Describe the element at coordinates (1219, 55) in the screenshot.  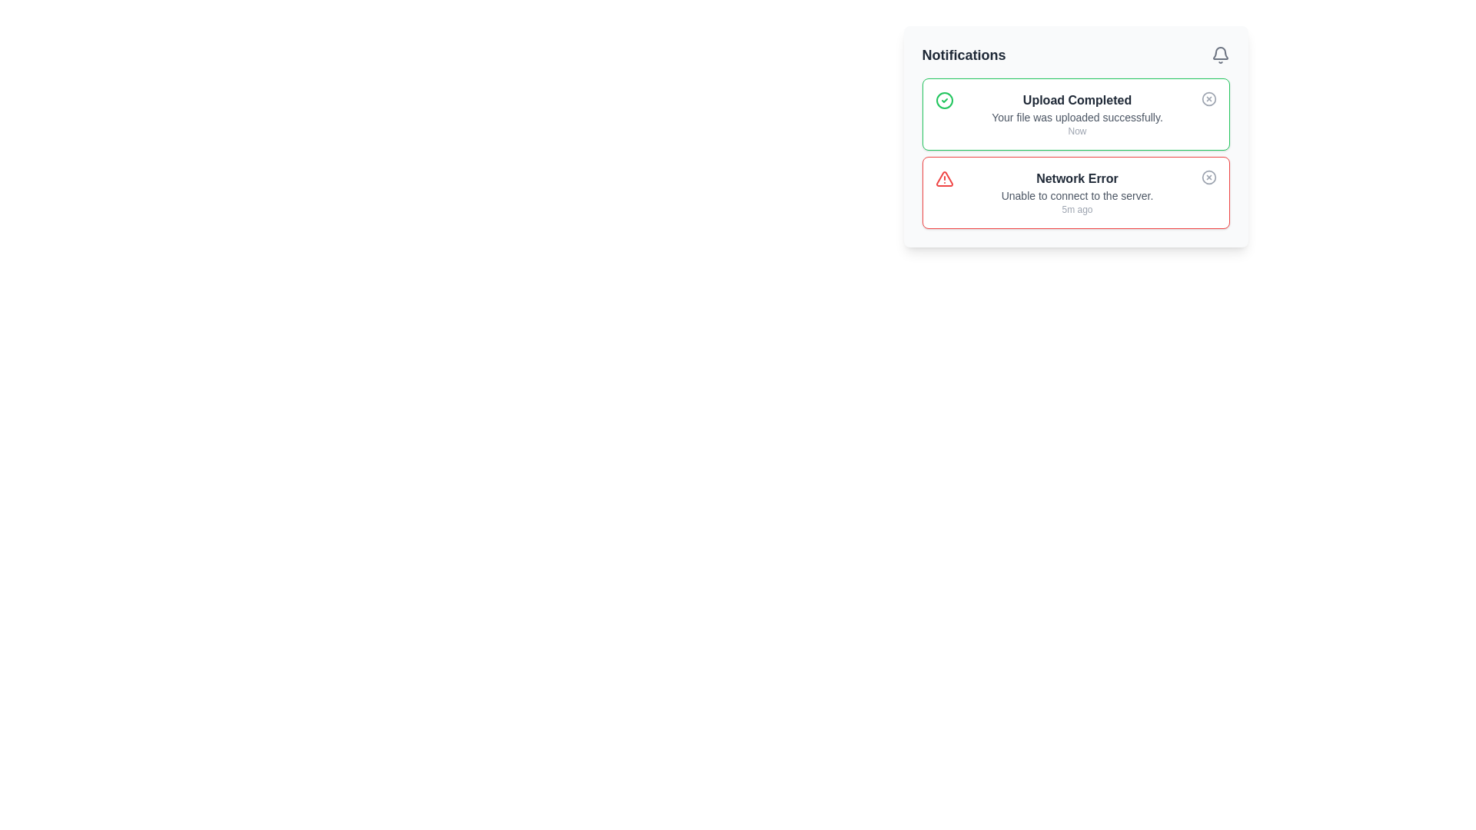
I see `the notification bell icon` at that location.